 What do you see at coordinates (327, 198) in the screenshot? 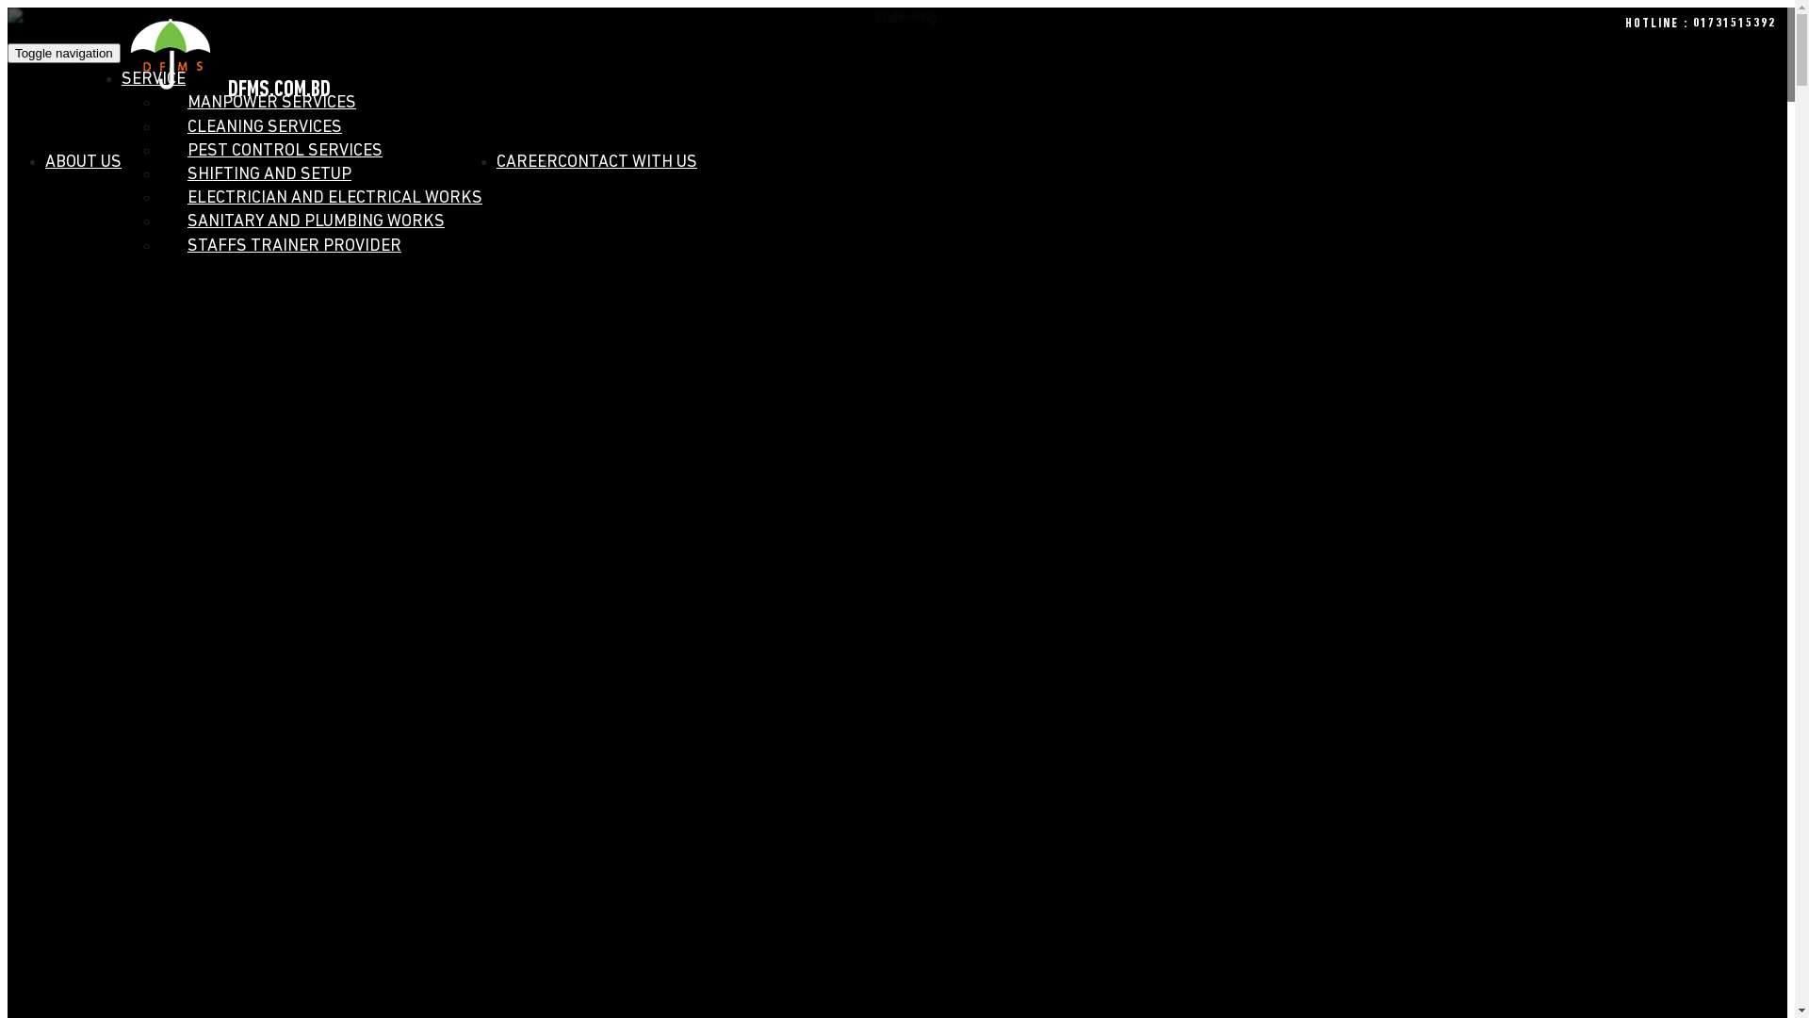
I see `'ELECTRICIAN AND ELECTRICAL WORKS'` at bounding box center [327, 198].